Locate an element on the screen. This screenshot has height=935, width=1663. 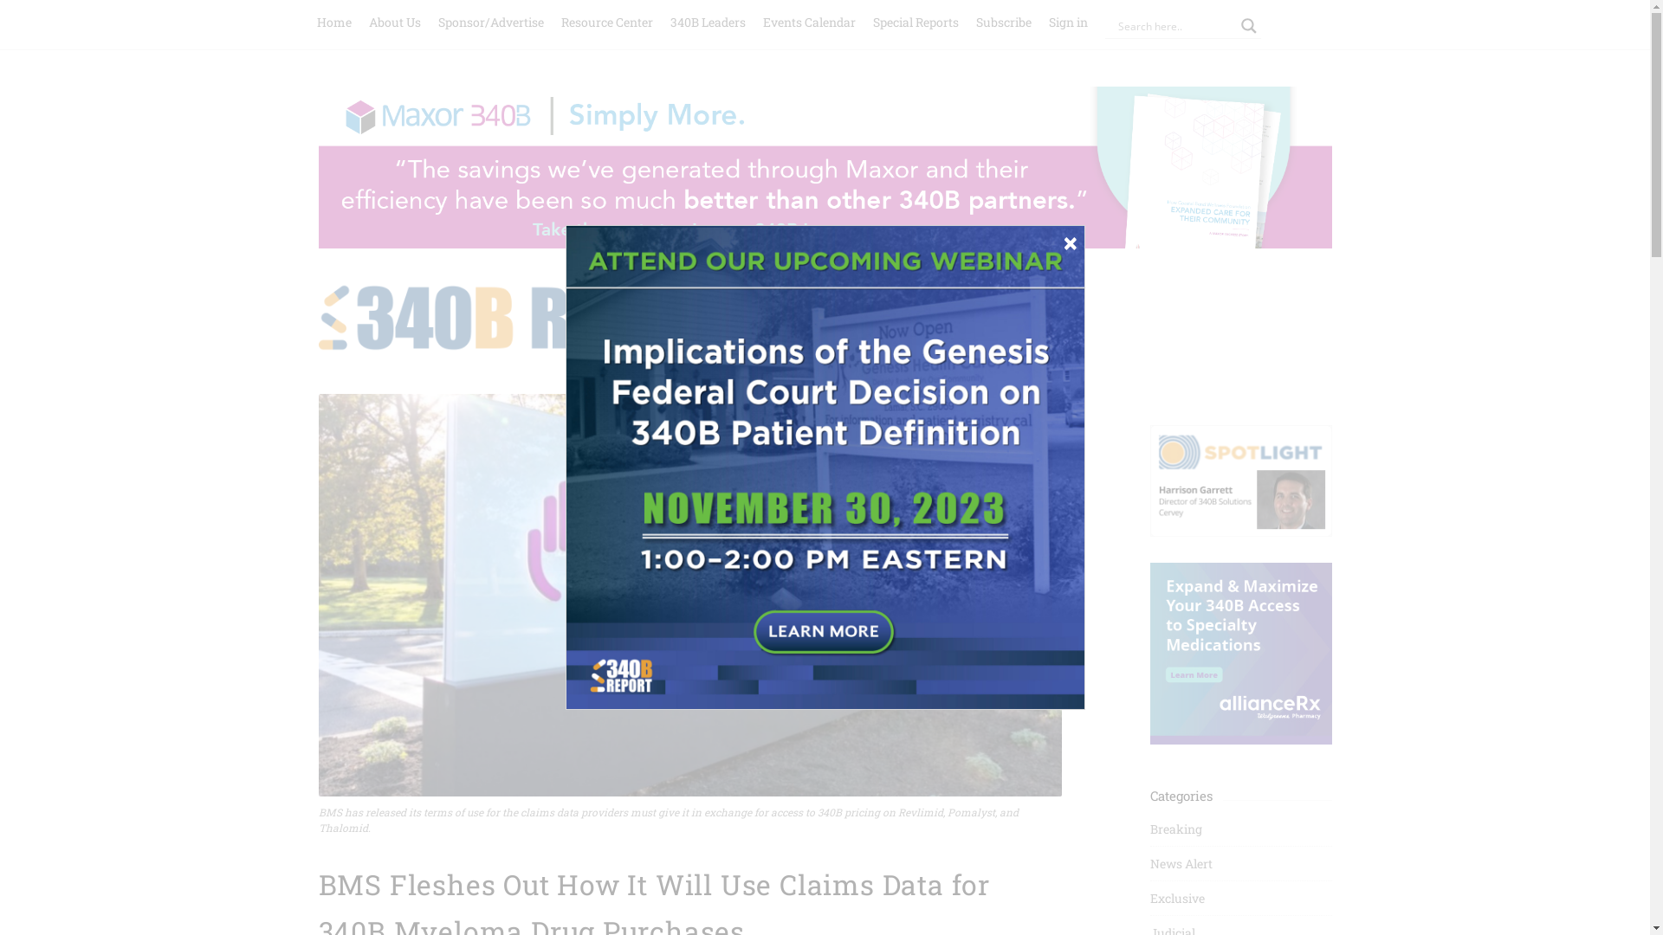
'Events Calendar' is located at coordinates (807, 21).